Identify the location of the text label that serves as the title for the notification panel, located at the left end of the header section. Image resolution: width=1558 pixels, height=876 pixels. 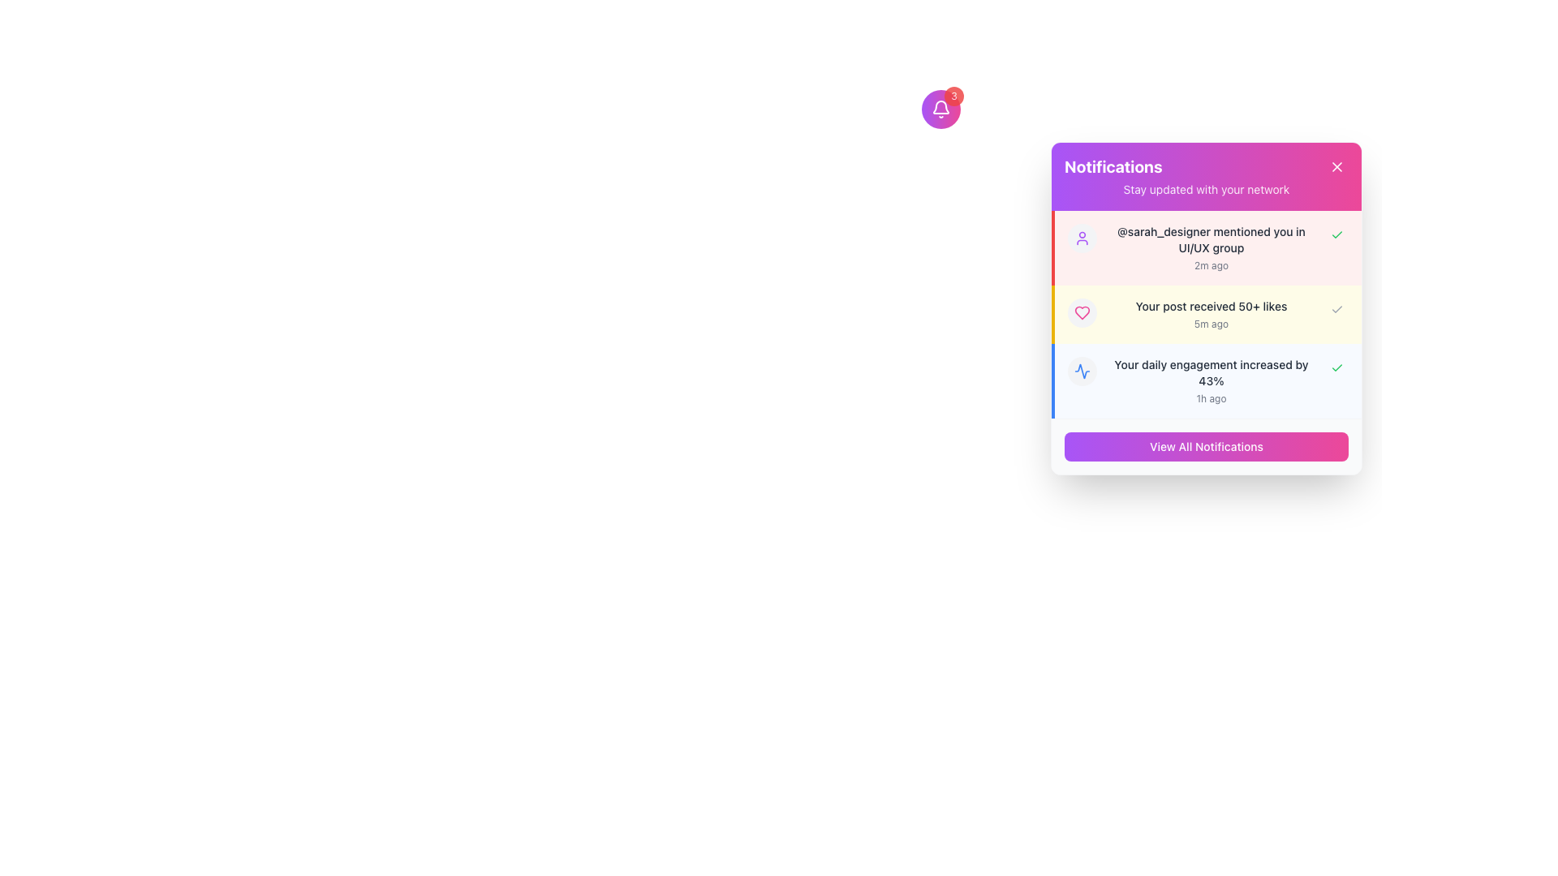
(1113, 166).